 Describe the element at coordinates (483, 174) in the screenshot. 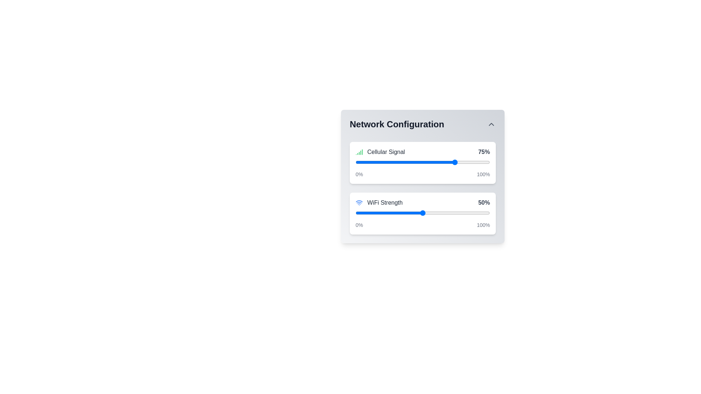

I see `the '100%' text label, which is styled with a neutral color and positioned at the far-right end of a horizontal scale` at that location.